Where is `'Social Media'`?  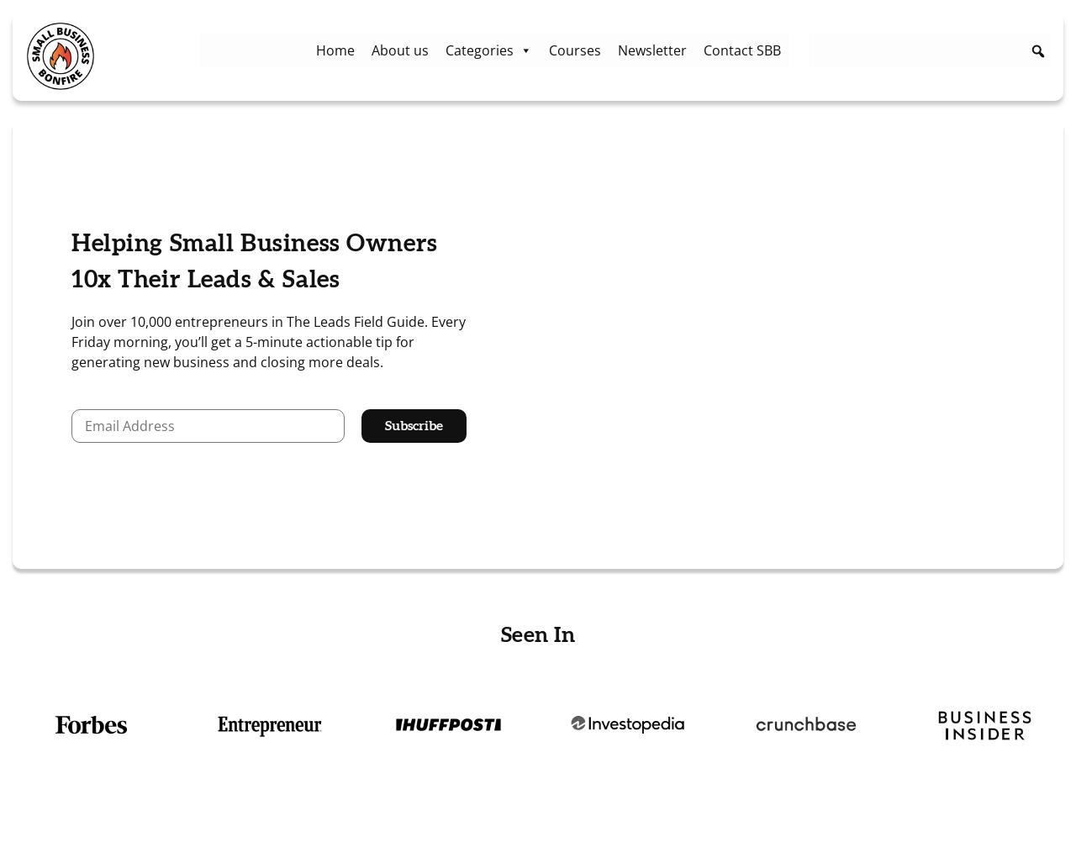
'Social Media' is located at coordinates (484, 237).